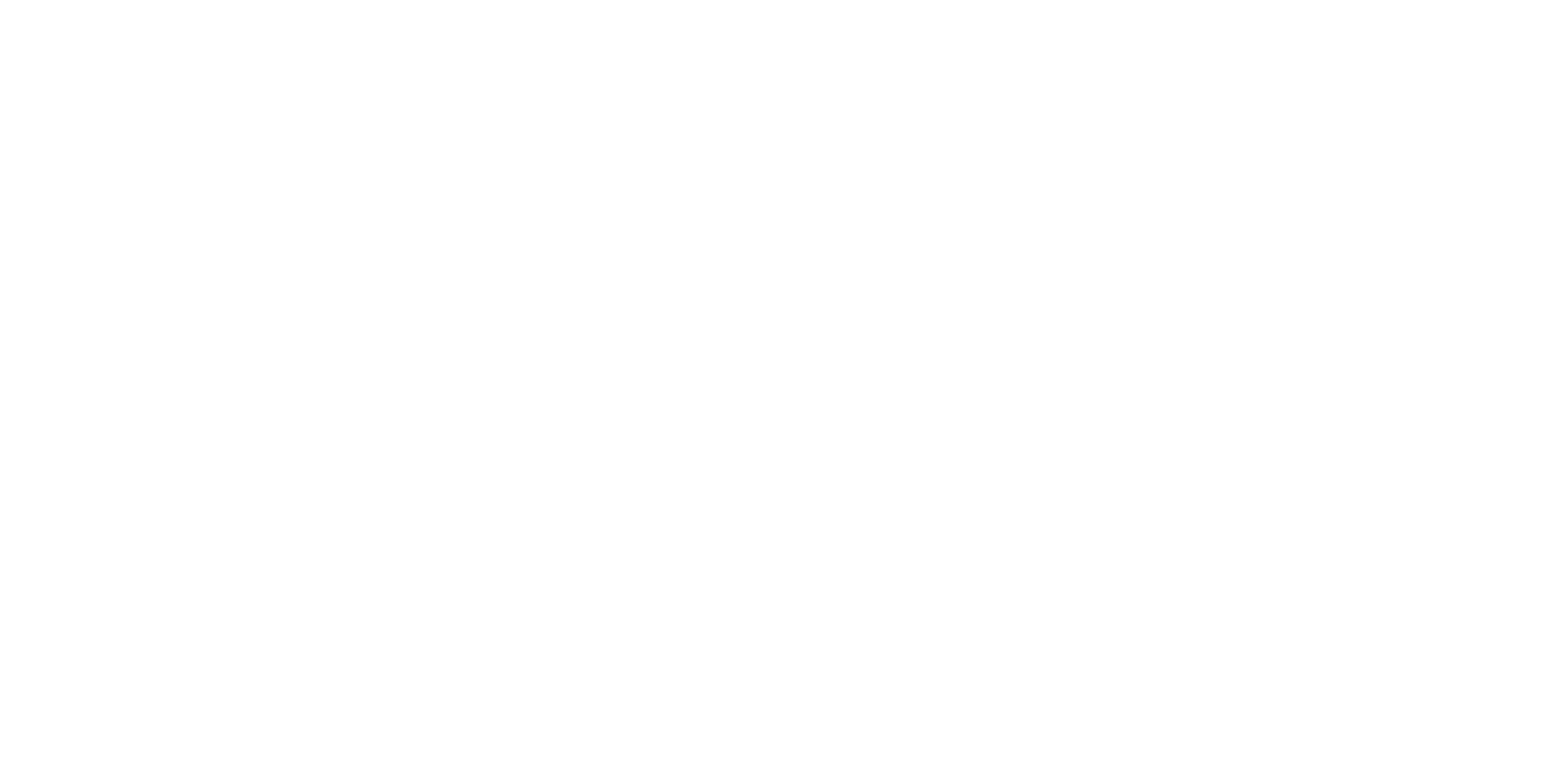 The width and height of the screenshot is (1557, 763). What do you see at coordinates (449, 591) in the screenshot?
I see `'Categories'` at bounding box center [449, 591].